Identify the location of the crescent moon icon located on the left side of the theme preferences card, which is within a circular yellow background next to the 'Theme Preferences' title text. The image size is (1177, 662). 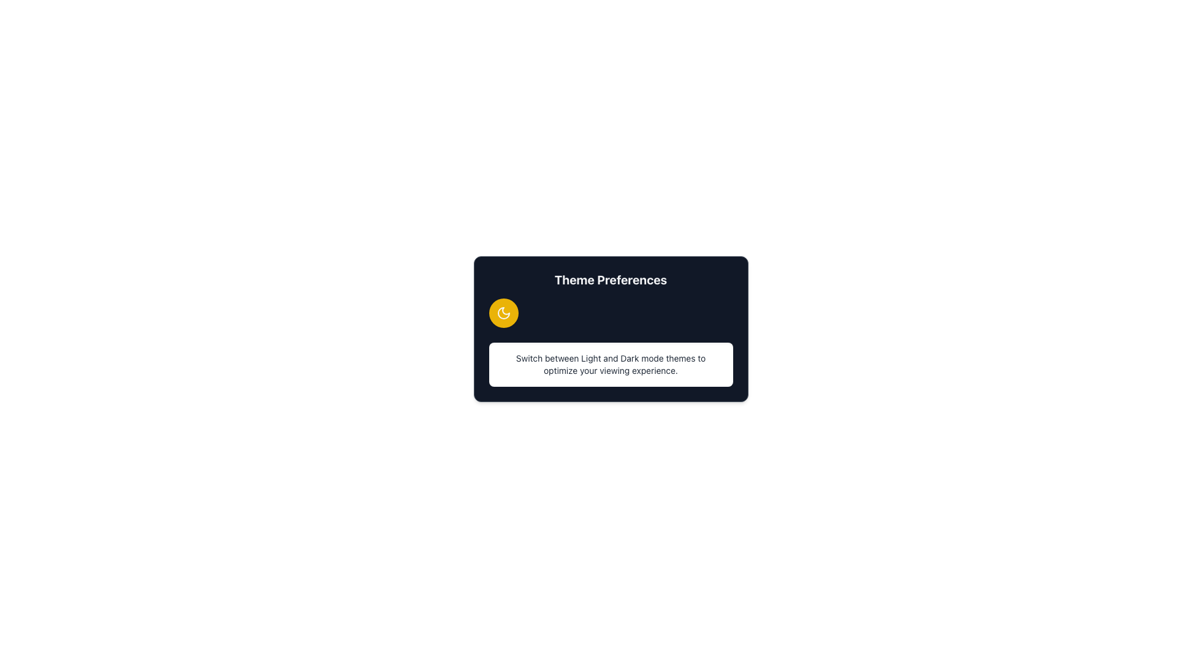
(503, 312).